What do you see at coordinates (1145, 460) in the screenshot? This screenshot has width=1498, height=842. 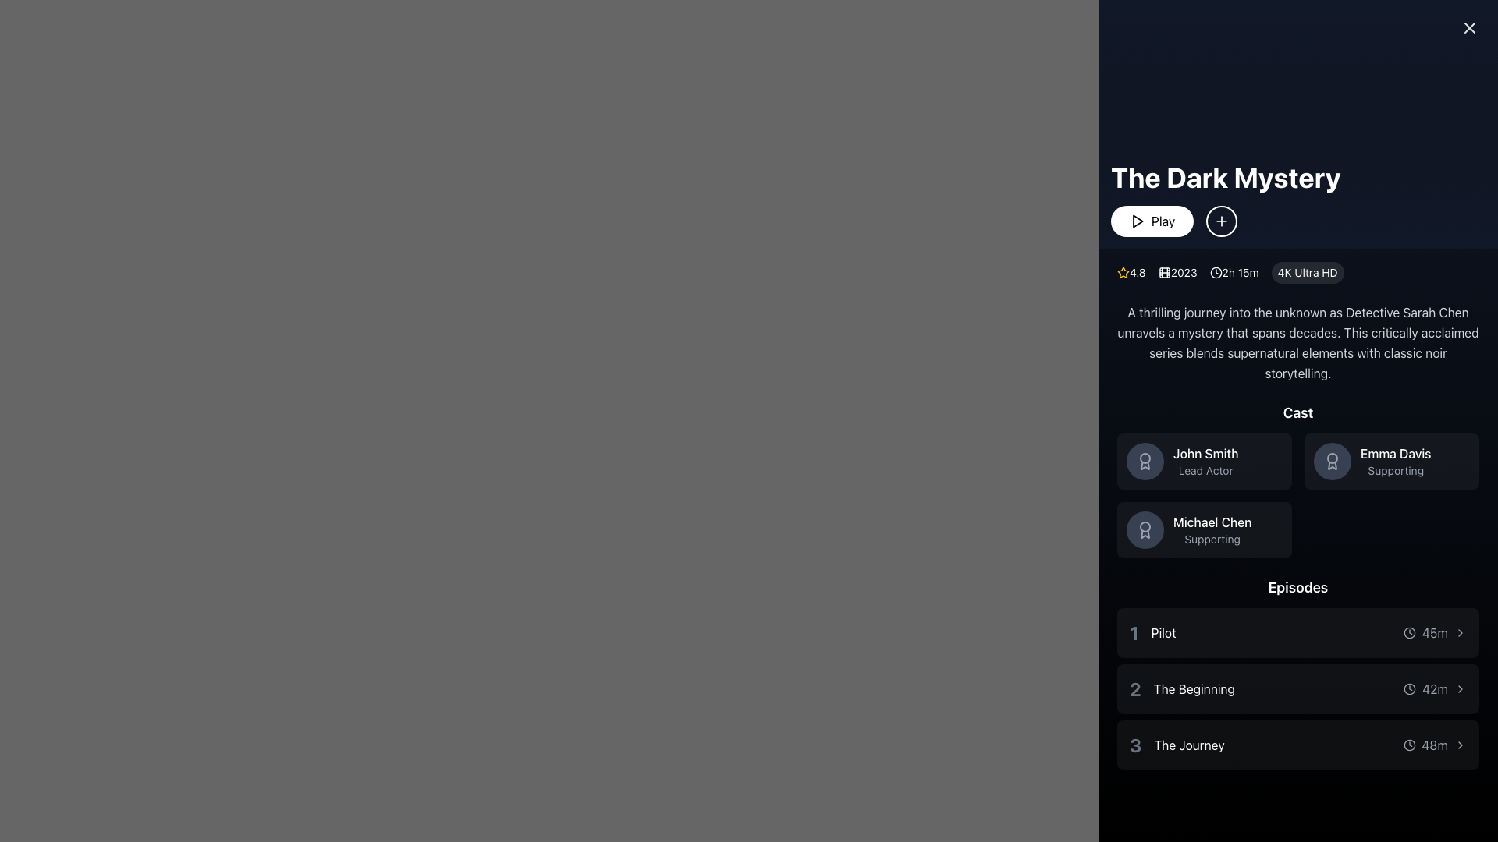 I see `the icon representing 'John Smith' located on the left side of the 'John Smith Lead Actor' card in the cast section, positioned above the text 'John Smith'` at bounding box center [1145, 460].